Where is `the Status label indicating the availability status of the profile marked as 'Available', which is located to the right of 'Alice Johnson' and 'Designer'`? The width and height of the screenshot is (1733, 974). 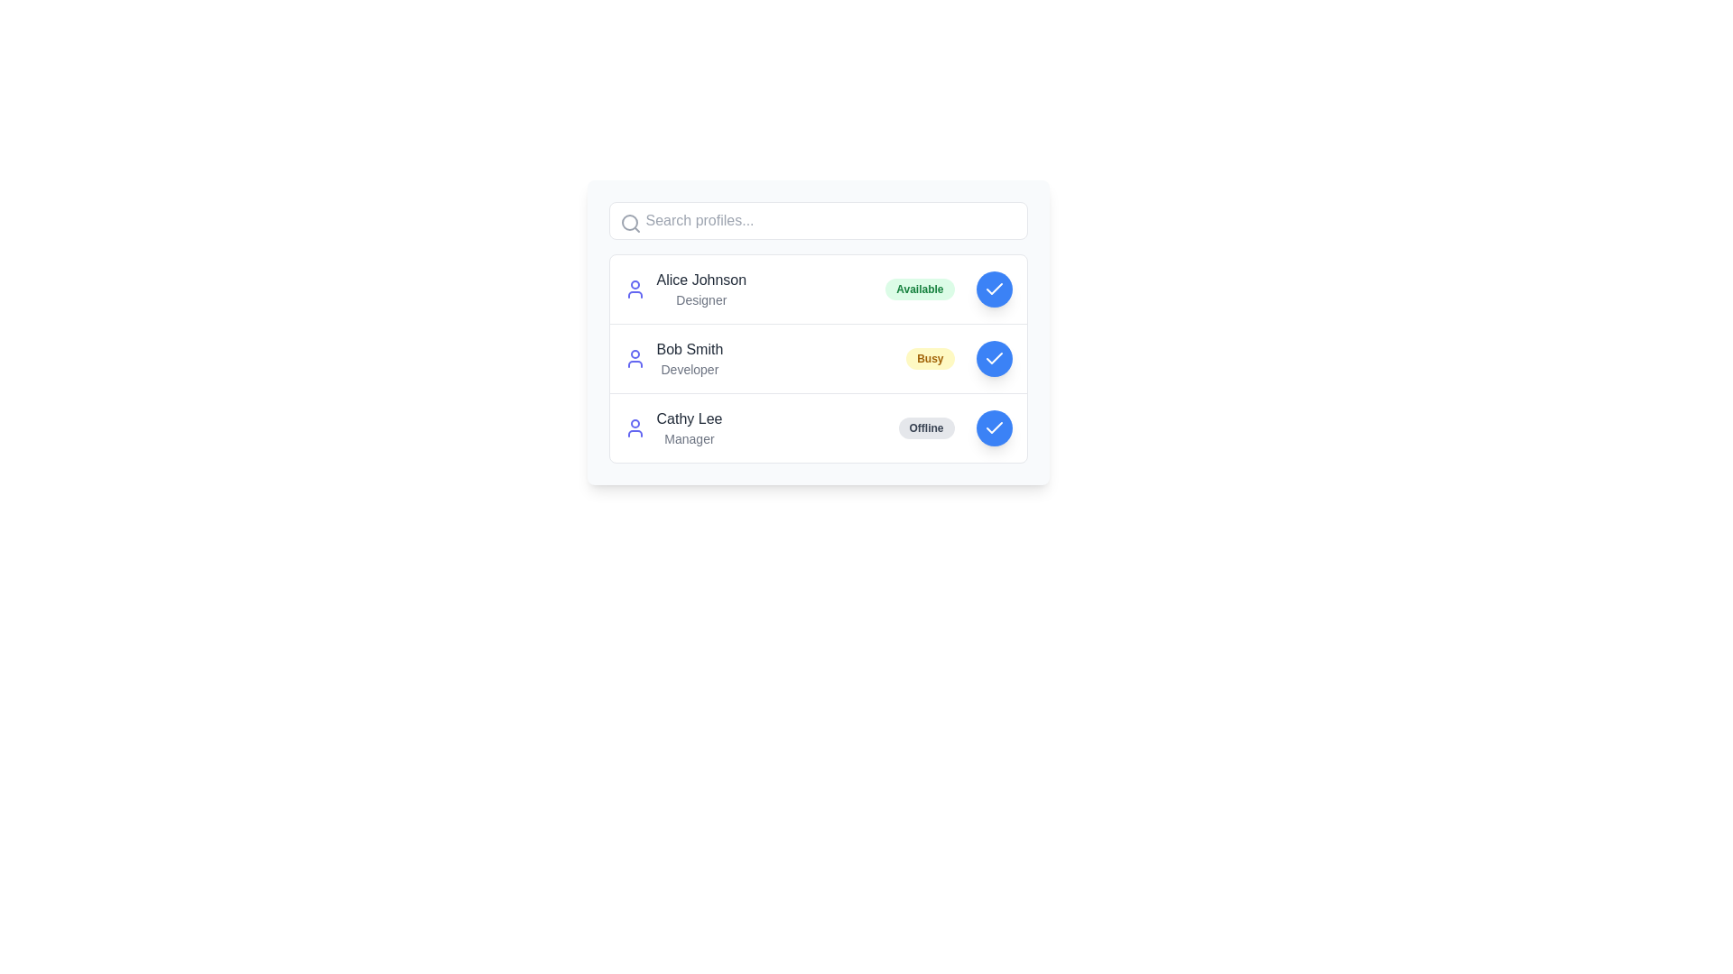
the Status label indicating the availability status of the profile marked as 'Available', which is located to the right of 'Alice Johnson' and 'Designer' is located at coordinates (920, 288).